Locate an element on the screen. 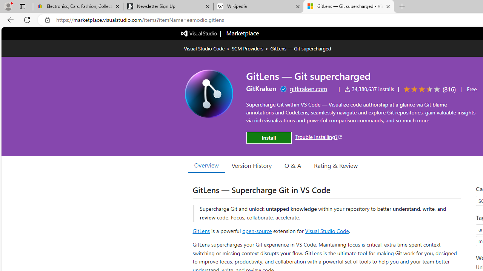  'More from GitKraken publisher' is located at coordinates (261, 88).